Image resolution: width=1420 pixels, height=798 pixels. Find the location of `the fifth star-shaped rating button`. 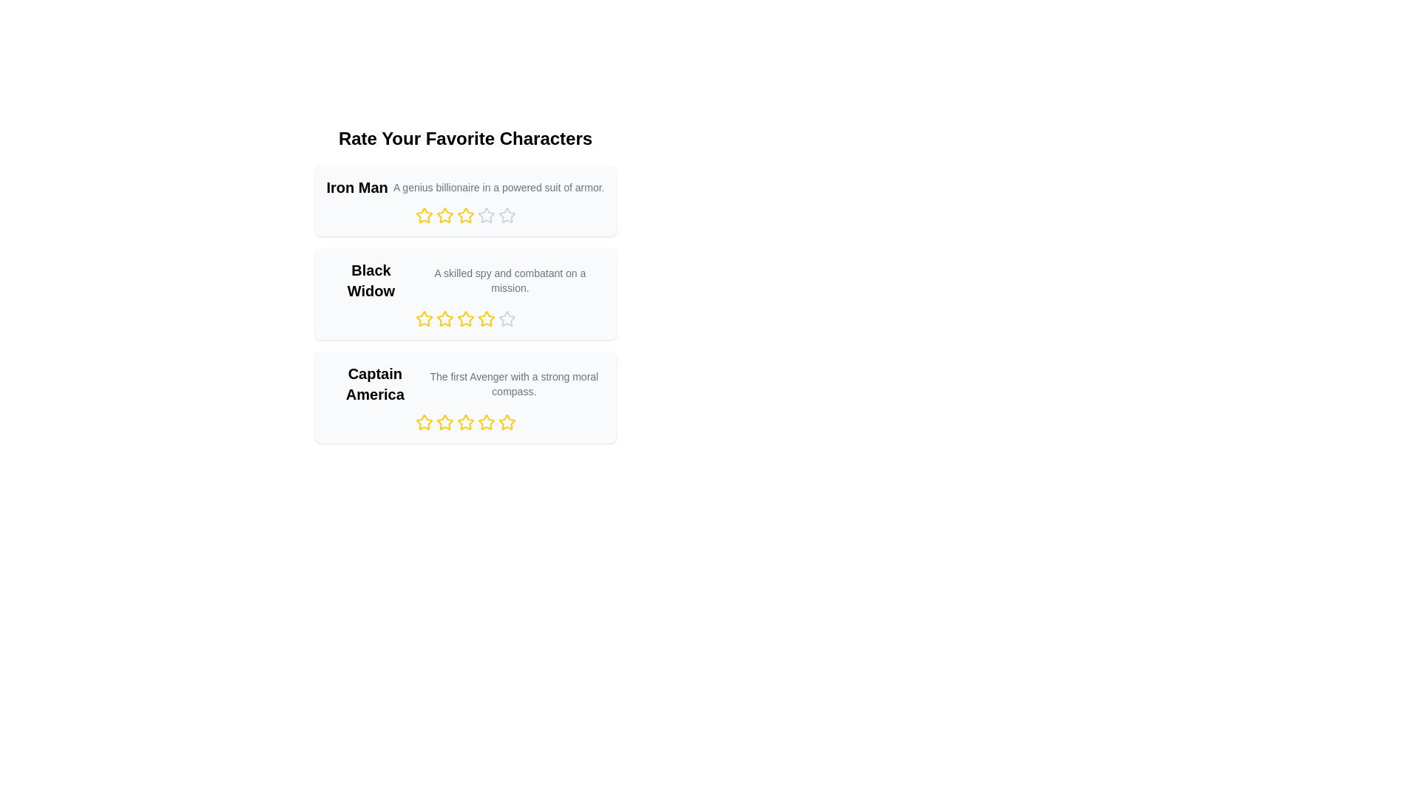

the fifth star-shaped rating button is located at coordinates (507, 216).